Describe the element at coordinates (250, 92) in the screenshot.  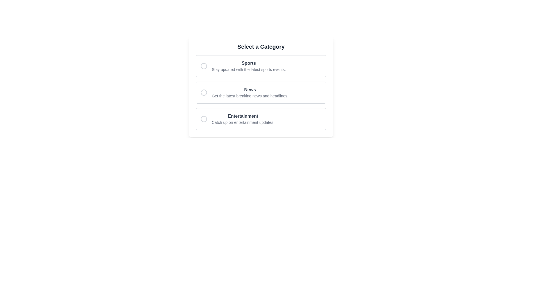
I see `the 'News' category option in the central panel` at that location.